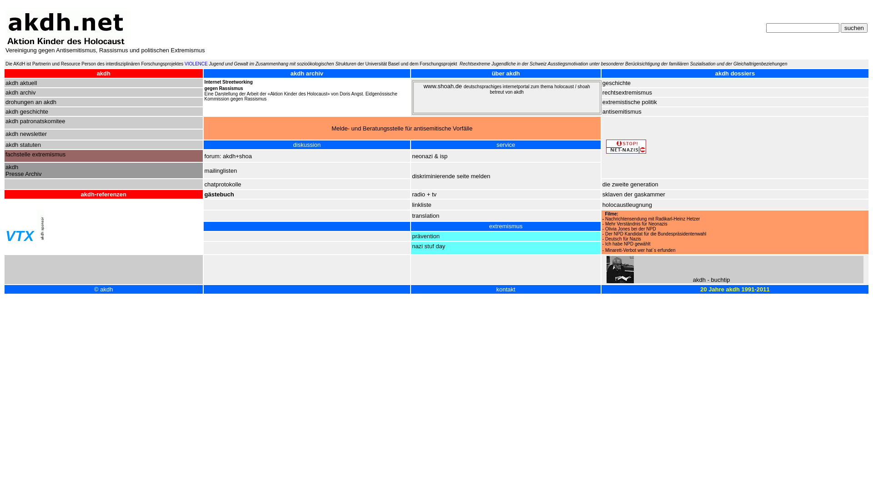  Describe the element at coordinates (602, 204) in the screenshot. I see `'holocaustleugnung'` at that location.